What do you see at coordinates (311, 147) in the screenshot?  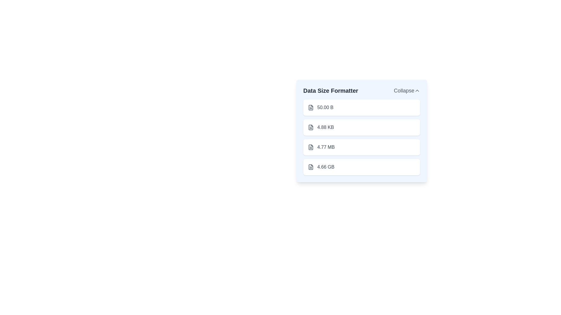 I see `the document icon with a folded corner, styled in gray, representing the third file in the list` at bounding box center [311, 147].